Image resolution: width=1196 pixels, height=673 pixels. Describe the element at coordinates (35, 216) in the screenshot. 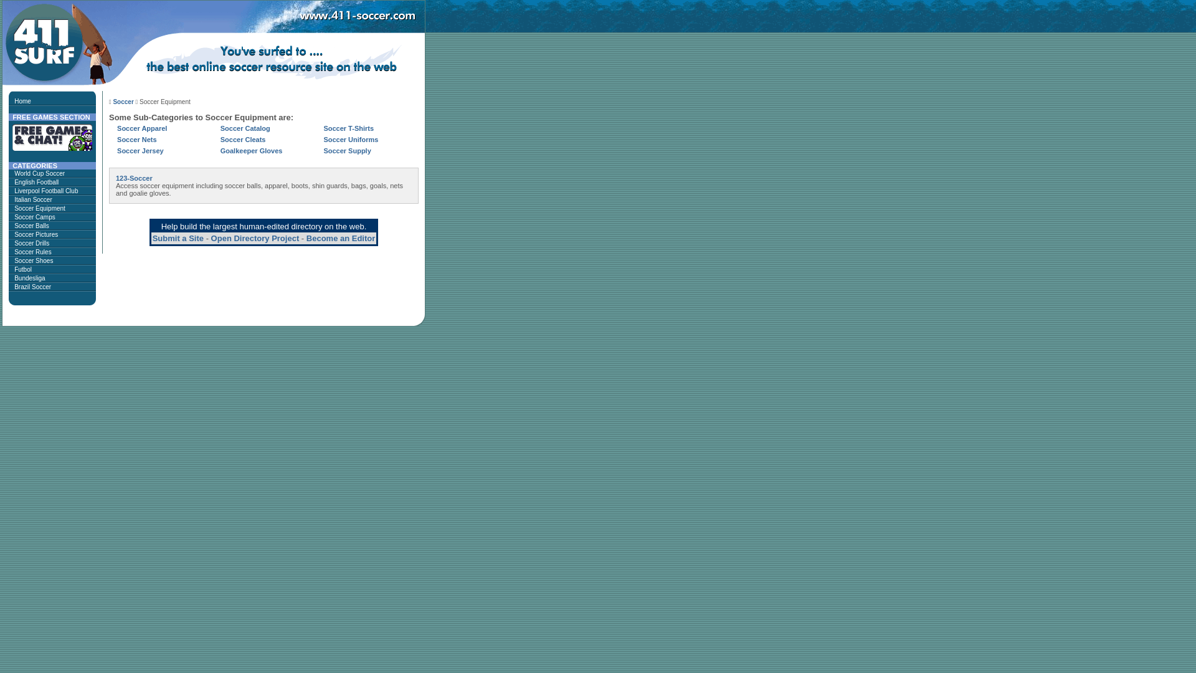

I see `'Soccer Camps'` at that location.